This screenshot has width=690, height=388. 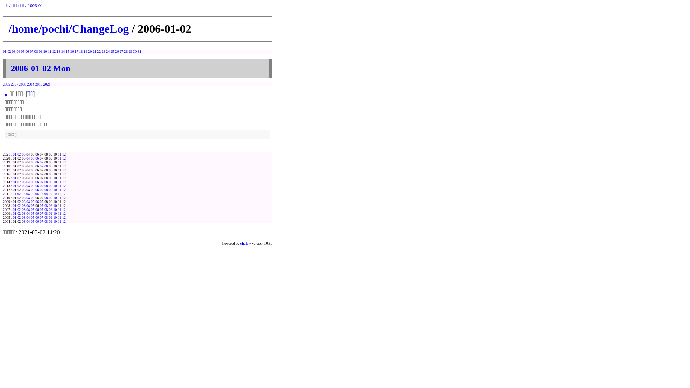 I want to click on '04', so click(x=28, y=198).